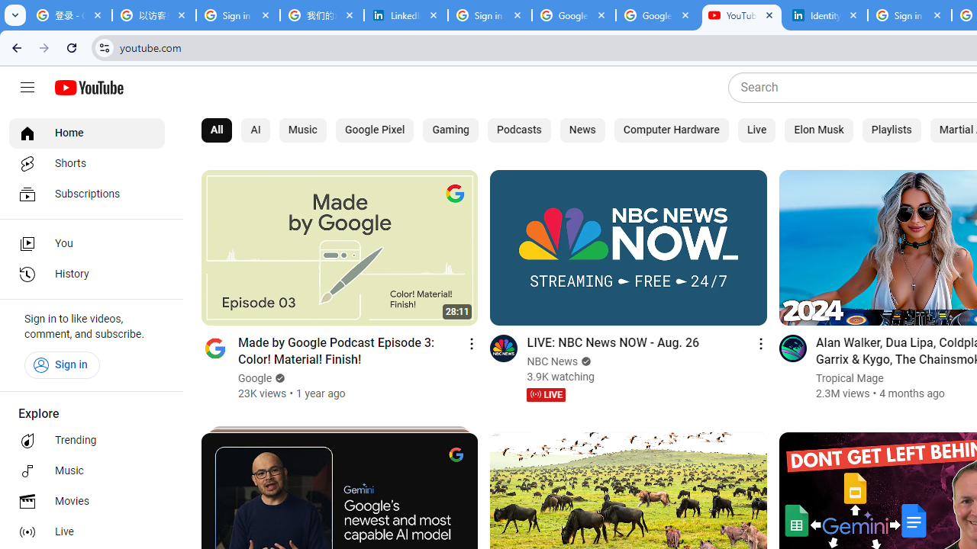 Image resolution: width=977 pixels, height=549 pixels. What do you see at coordinates (85, 274) in the screenshot?
I see `'History'` at bounding box center [85, 274].